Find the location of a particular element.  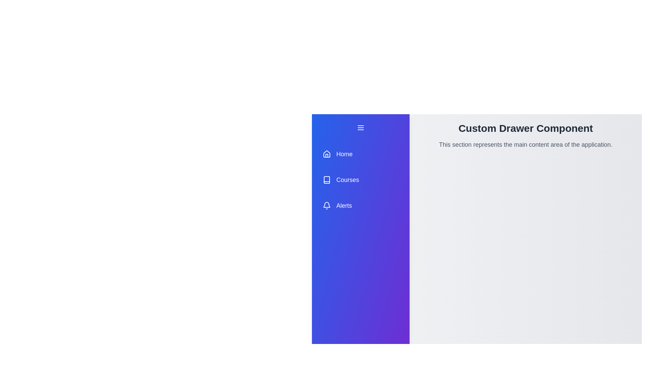

the menu item Alerts to navigate to the corresponding section is located at coordinates (360, 205).